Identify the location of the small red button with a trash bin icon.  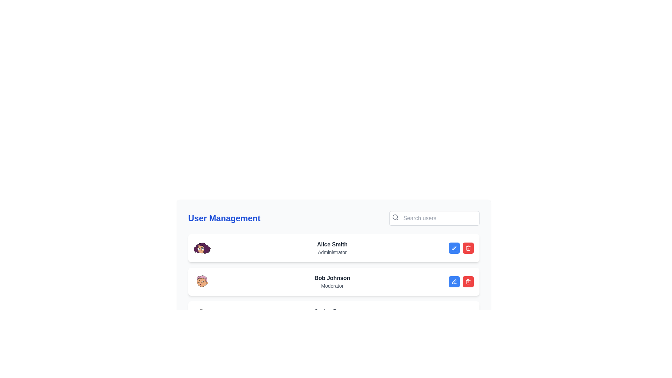
(468, 281).